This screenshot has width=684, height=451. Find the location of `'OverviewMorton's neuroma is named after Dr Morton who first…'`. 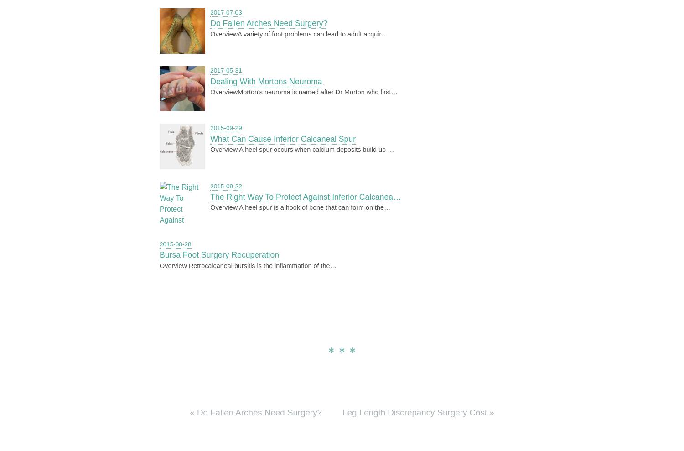

'OverviewMorton's neuroma is named after Dr Morton who first…' is located at coordinates (304, 92).